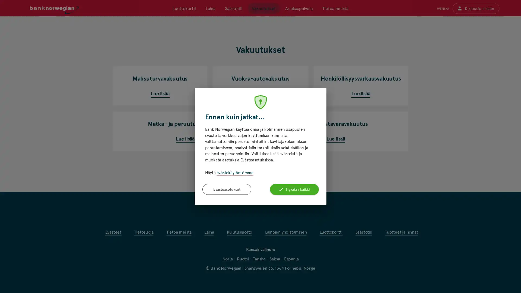 The height and width of the screenshot is (293, 521). I want to click on Hyvaksy kaikki, so click(294, 189).